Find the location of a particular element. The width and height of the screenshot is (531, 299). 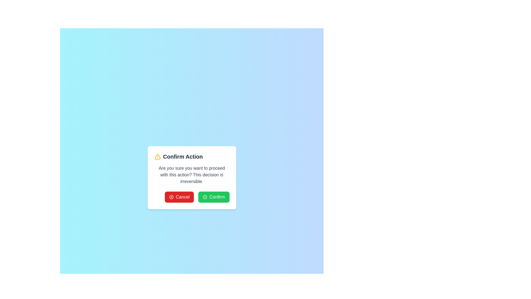

the red circular icon with a white cross, which represents a 'close' or 'cancel' action, located to the left of the 'Cancel' button in the lower-left section of the 'Confirm Action' dialog box is located at coordinates (171, 197).